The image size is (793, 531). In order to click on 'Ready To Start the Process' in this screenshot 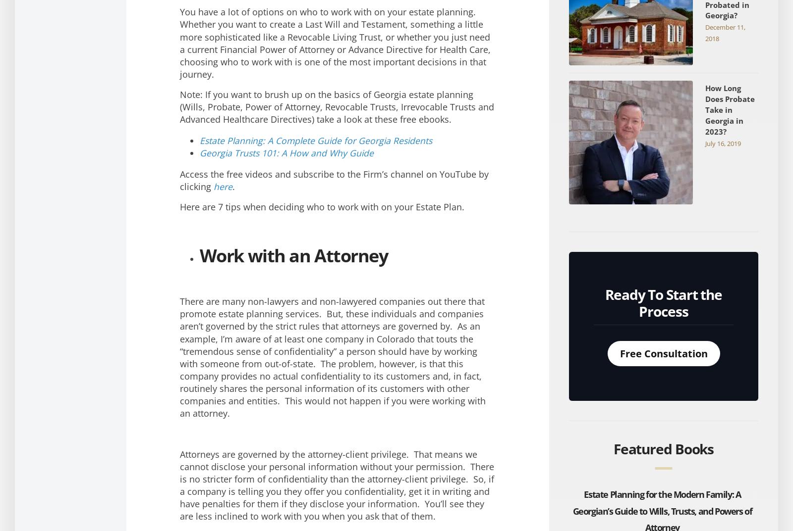, I will do `click(663, 302)`.